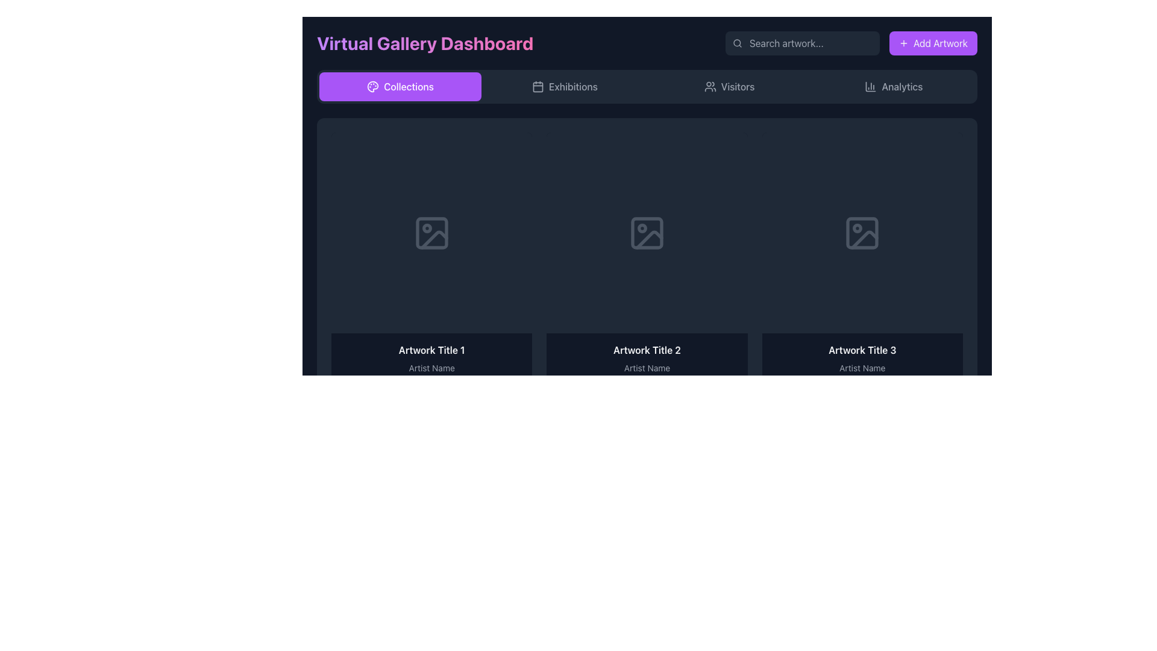 The width and height of the screenshot is (1157, 651). Describe the element at coordinates (647, 233) in the screenshot. I see `the image placeholder or frame with a dark gray background and an image icon at its center, located in the middle column of the grid layout in the 'Collections' section, above 'Artwork Title 2' and 'Artist Name'` at that location.